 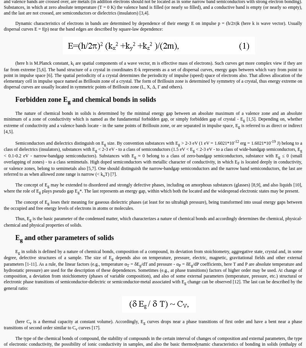 What do you see at coordinates (144, 149) in the screenshot?
I see `'< 2-3 eV - to a class of semiconductors (1.5 eV < E'` at bounding box center [144, 149].